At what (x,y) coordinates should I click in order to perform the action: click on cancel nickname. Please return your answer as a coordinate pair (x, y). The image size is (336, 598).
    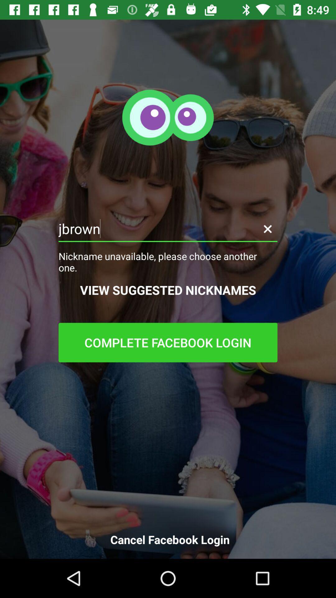
    Looking at the image, I should click on (267, 228).